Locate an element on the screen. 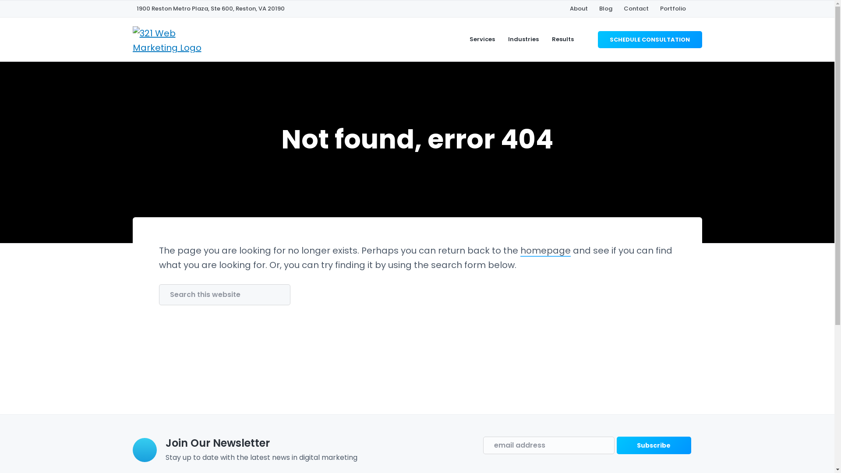 Image resolution: width=841 pixels, height=473 pixels. '1900 Reston Metro Plaza, Ste 600, Reston, VA 20190' is located at coordinates (210, 8).